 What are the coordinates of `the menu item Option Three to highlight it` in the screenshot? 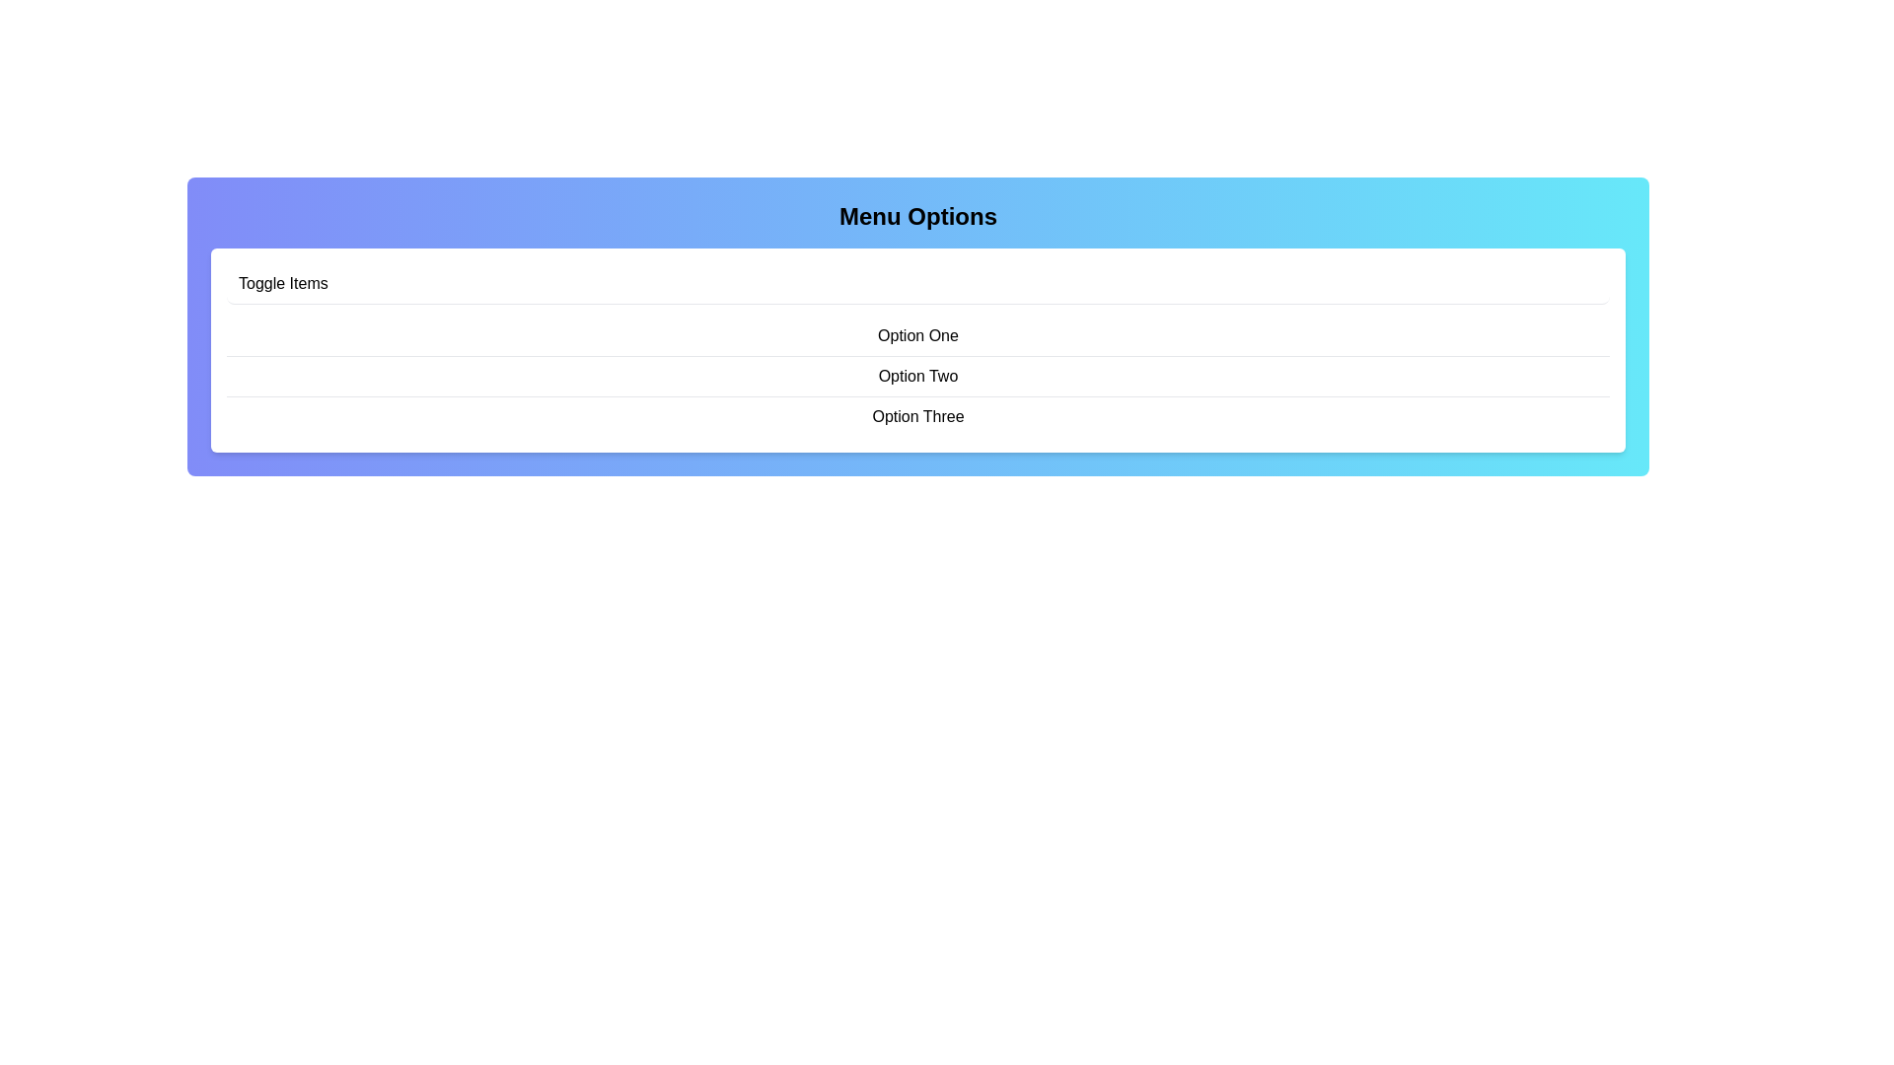 It's located at (917, 415).